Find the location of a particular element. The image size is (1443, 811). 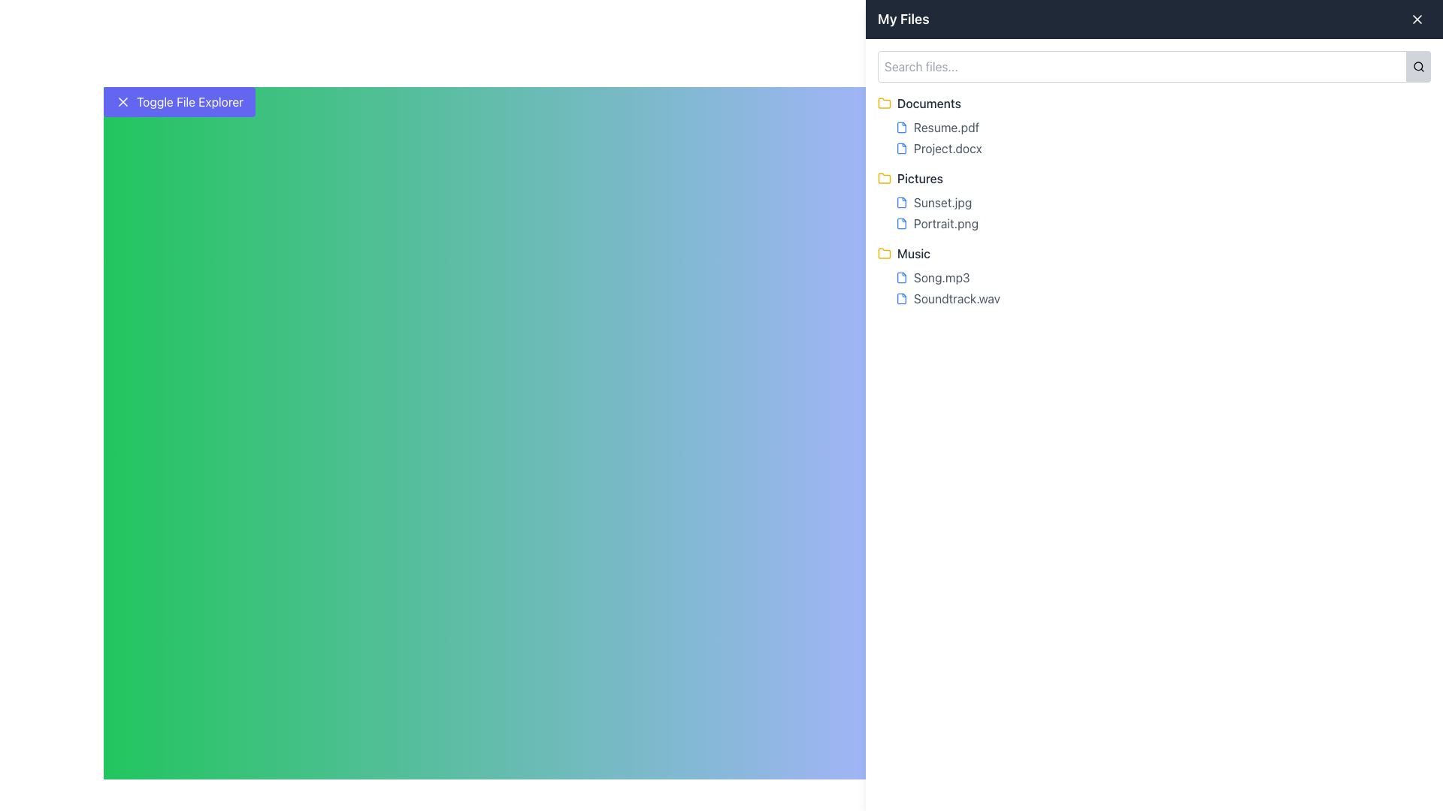

the file icon with a blue outline located next to the text label 'Song.mp3' in the 'Music' section of the file list is located at coordinates (902, 278).